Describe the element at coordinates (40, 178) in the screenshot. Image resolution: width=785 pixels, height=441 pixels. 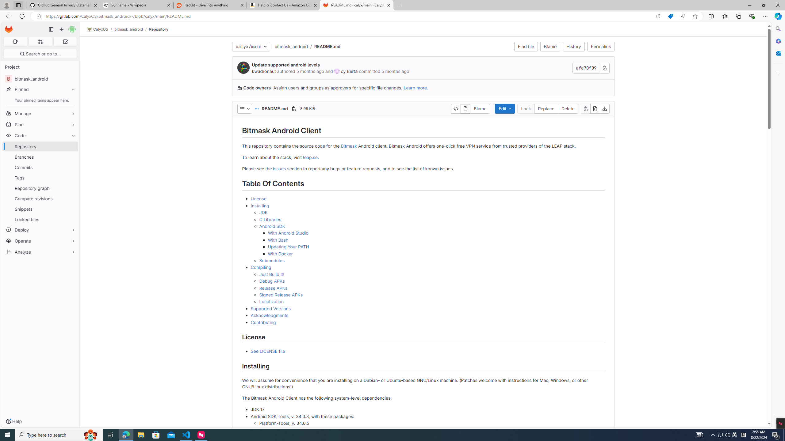
I see `'Tags'` at that location.